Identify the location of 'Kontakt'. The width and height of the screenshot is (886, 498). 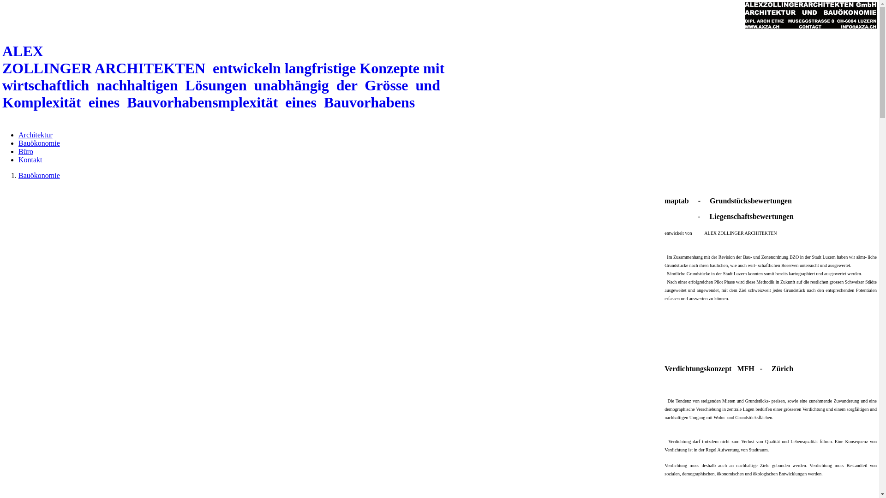
(30, 159).